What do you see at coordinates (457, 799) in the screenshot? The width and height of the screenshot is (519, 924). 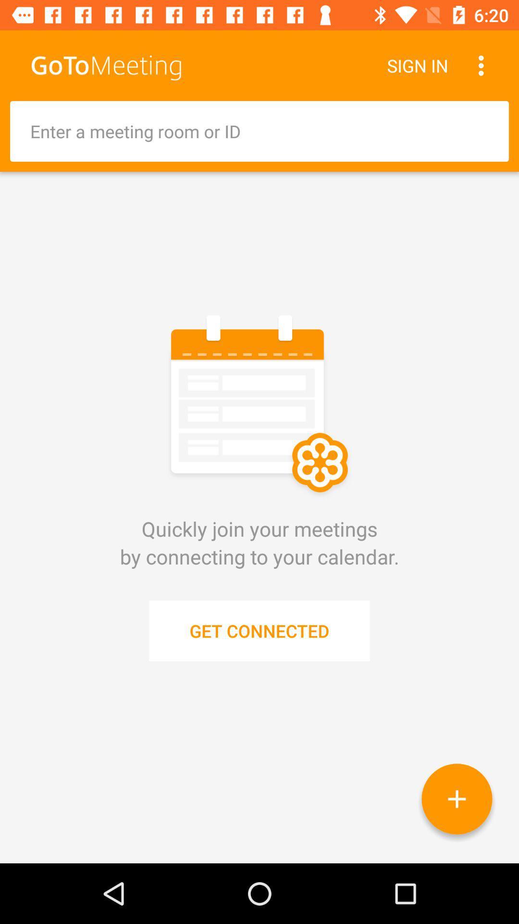 I see `the add icon` at bounding box center [457, 799].